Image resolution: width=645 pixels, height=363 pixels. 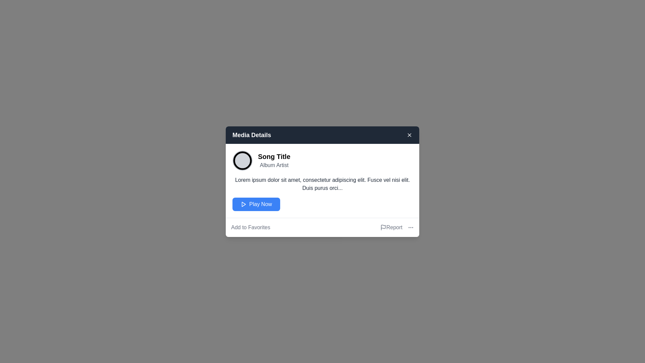 What do you see at coordinates (409, 135) in the screenshot?
I see `the 'X' icon button in the top-right corner of the dark navy-blue header bar` at bounding box center [409, 135].